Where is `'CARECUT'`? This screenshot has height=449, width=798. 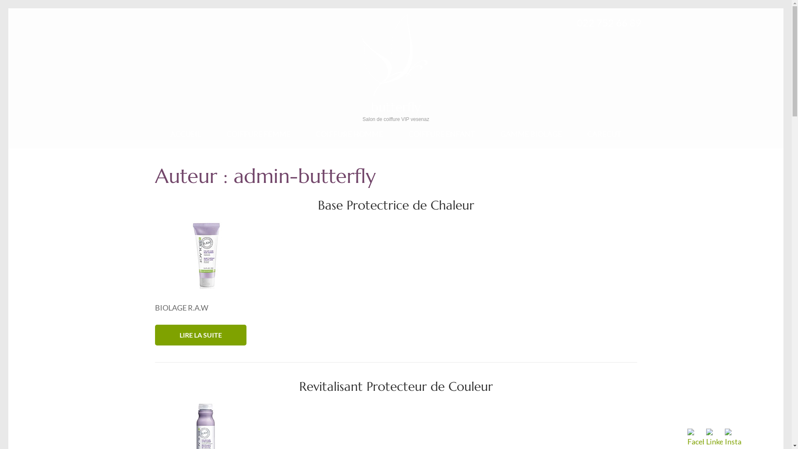
'CARECUT' is located at coordinates (604, 138).